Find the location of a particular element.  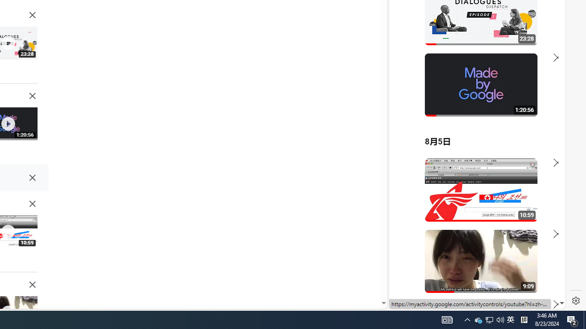

'Class: TjcpUd NMm5M' is located at coordinates (32, 284).